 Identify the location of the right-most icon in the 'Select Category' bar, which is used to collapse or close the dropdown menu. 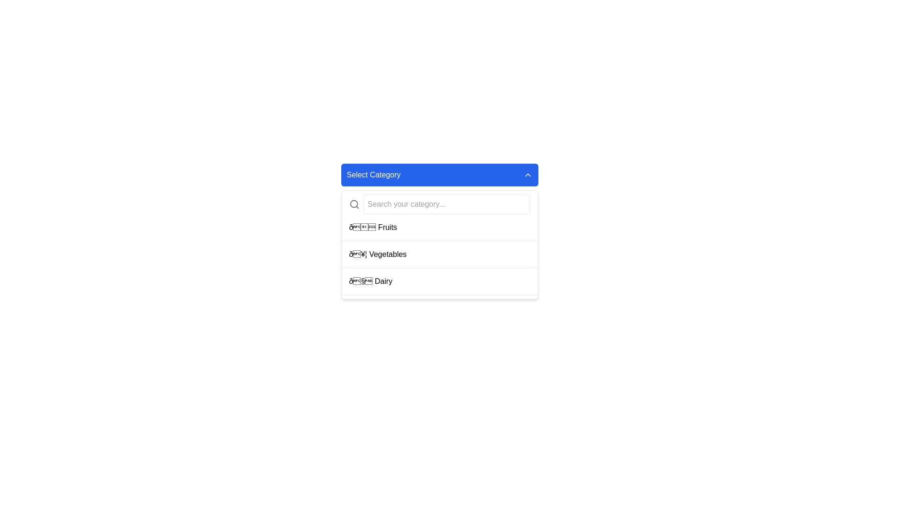
(527, 175).